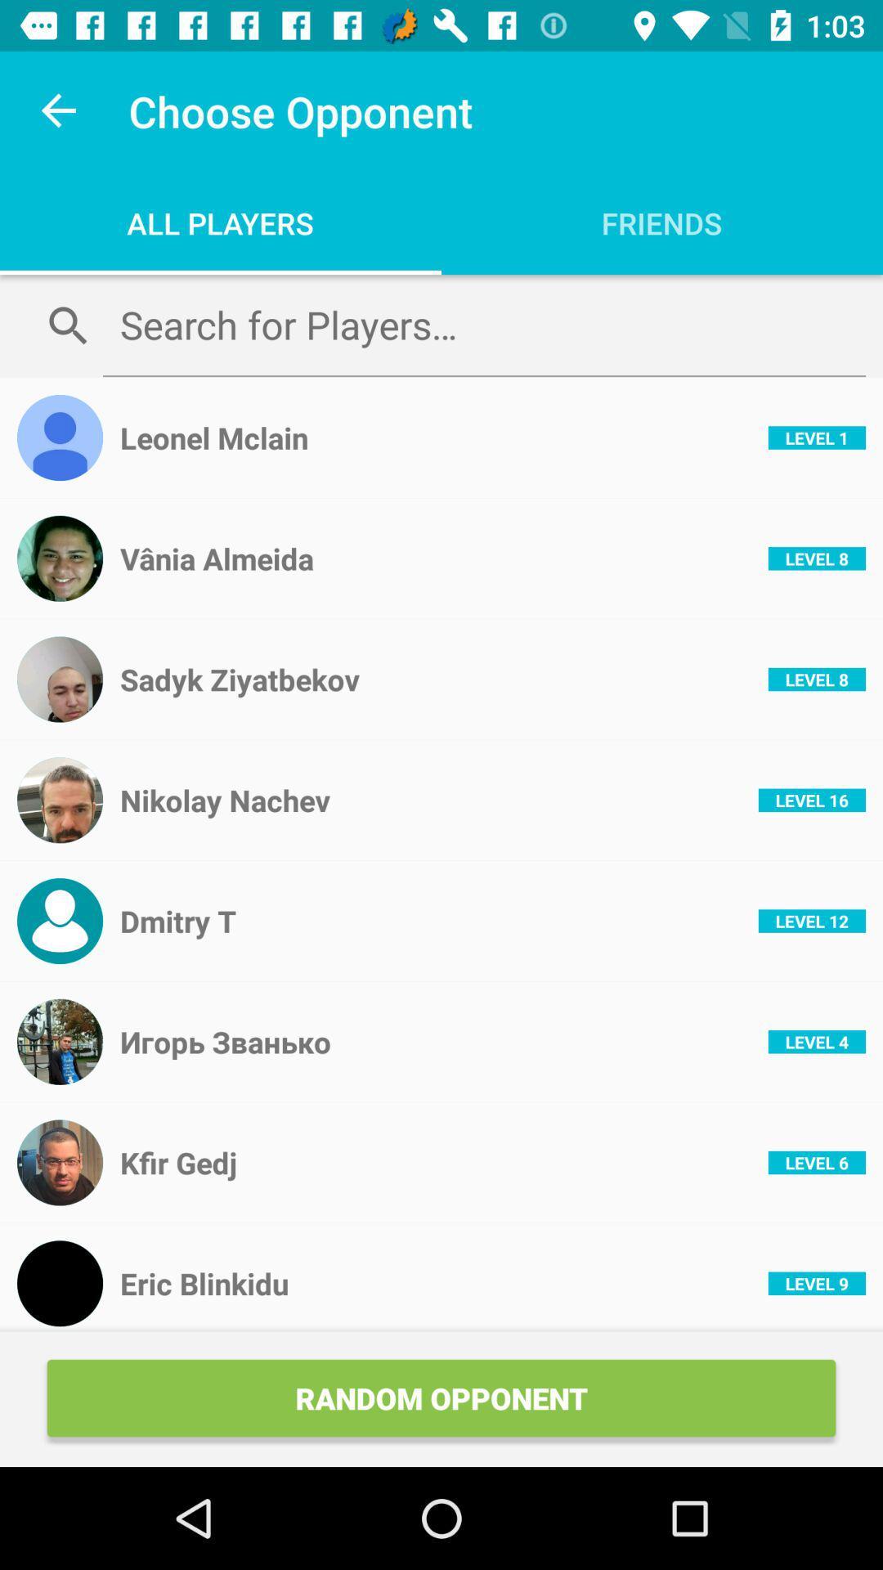 This screenshot has width=883, height=1570. I want to click on the icon to the left of the choose opponent, so click(59, 110).